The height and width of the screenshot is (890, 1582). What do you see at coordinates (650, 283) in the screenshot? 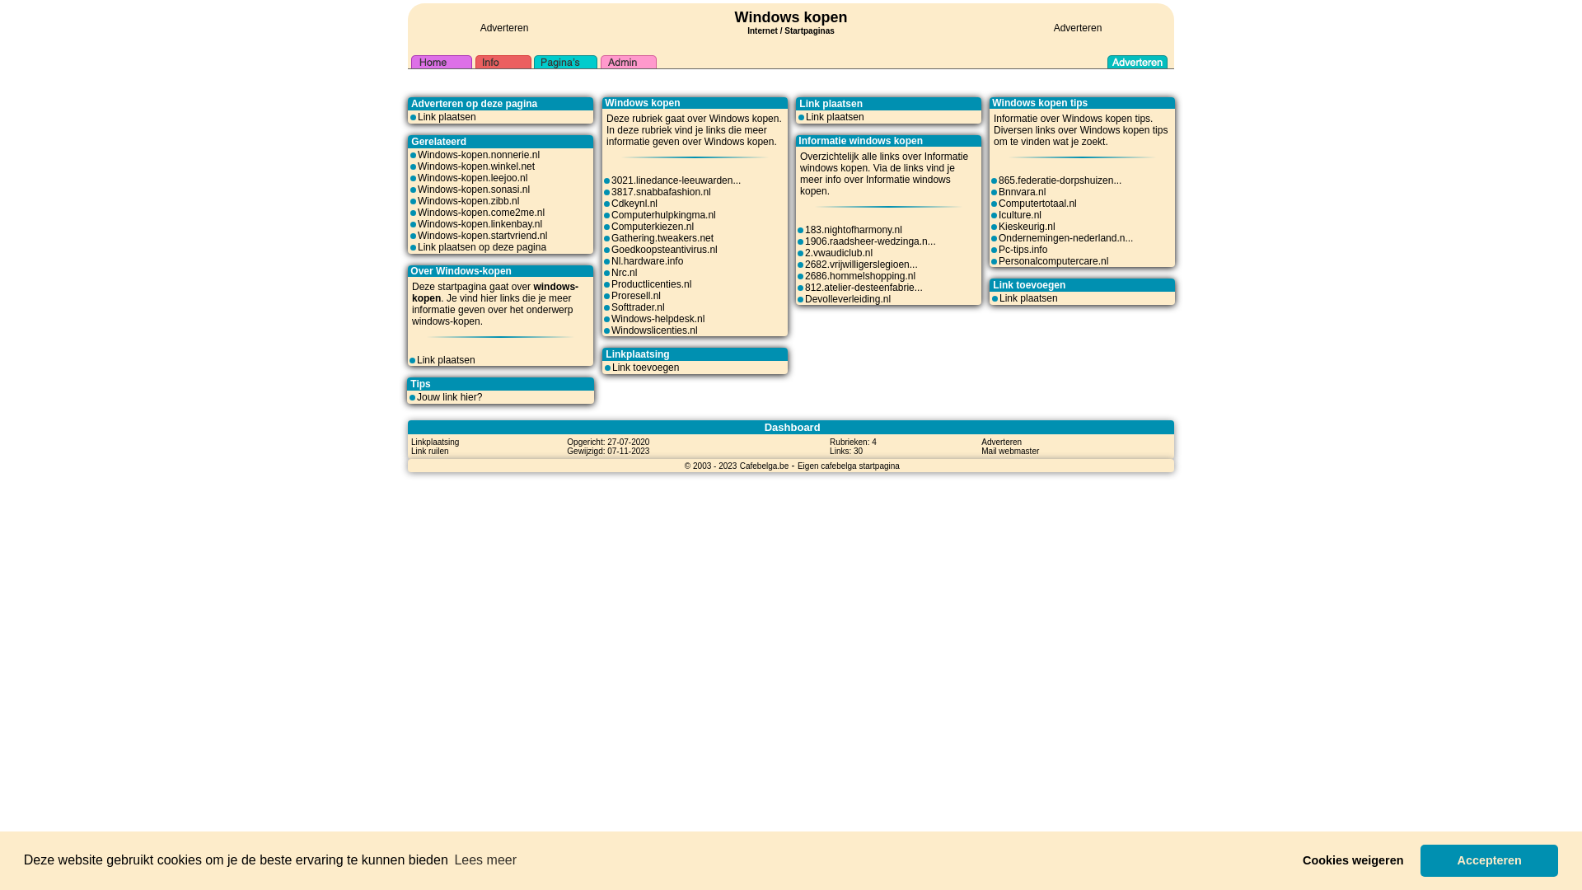
I see `'Productlicenties.nl'` at bounding box center [650, 283].